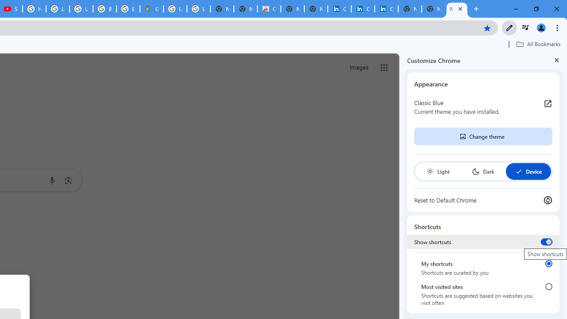 This screenshot has width=567, height=319. What do you see at coordinates (151, 9) in the screenshot?
I see `'Google Maps'` at bounding box center [151, 9].